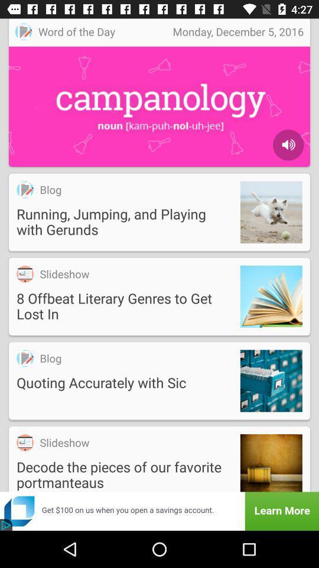 The height and width of the screenshot is (568, 319). What do you see at coordinates (159, 511) in the screenshot?
I see `get 100 on us when you open a savings account learn more` at bounding box center [159, 511].